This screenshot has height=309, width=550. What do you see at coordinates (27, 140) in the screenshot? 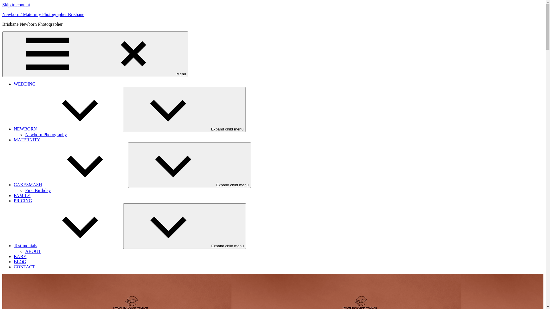
I see `'MATERNITY'` at bounding box center [27, 140].